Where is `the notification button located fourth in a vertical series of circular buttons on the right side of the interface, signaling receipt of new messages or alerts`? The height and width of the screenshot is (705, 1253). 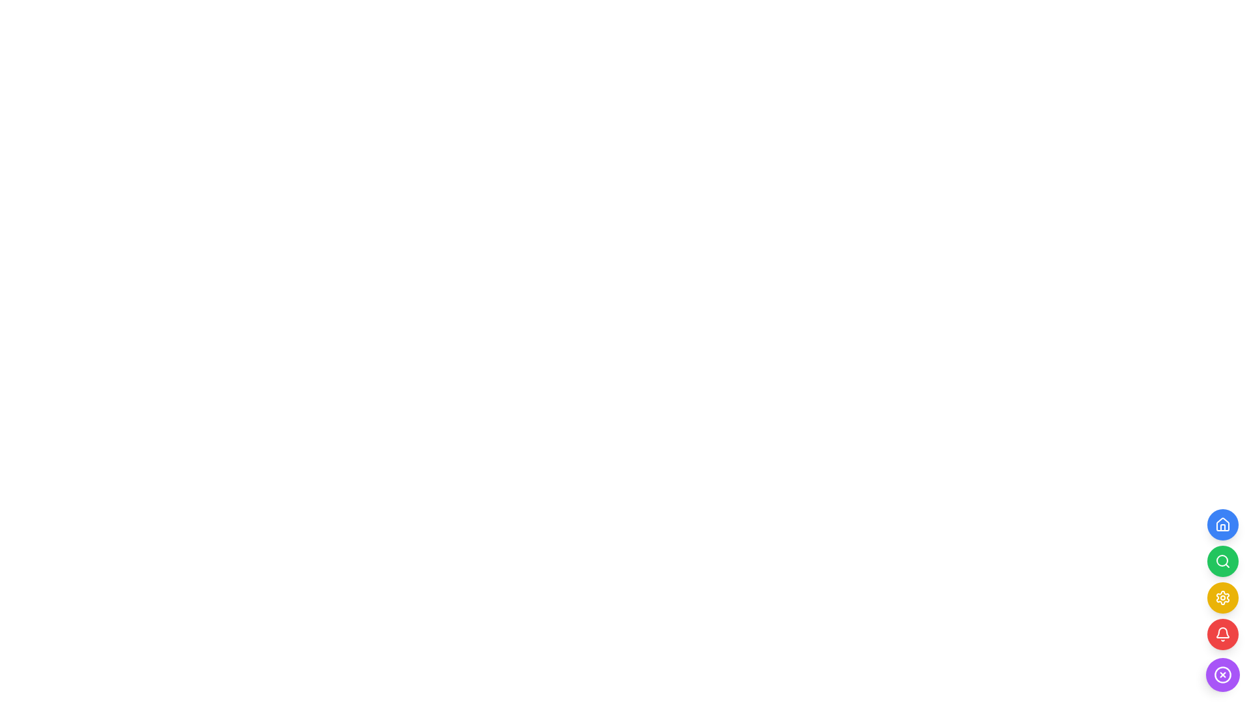 the notification button located fourth in a vertical series of circular buttons on the right side of the interface, signaling receipt of new messages or alerts is located at coordinates (1222, 634).